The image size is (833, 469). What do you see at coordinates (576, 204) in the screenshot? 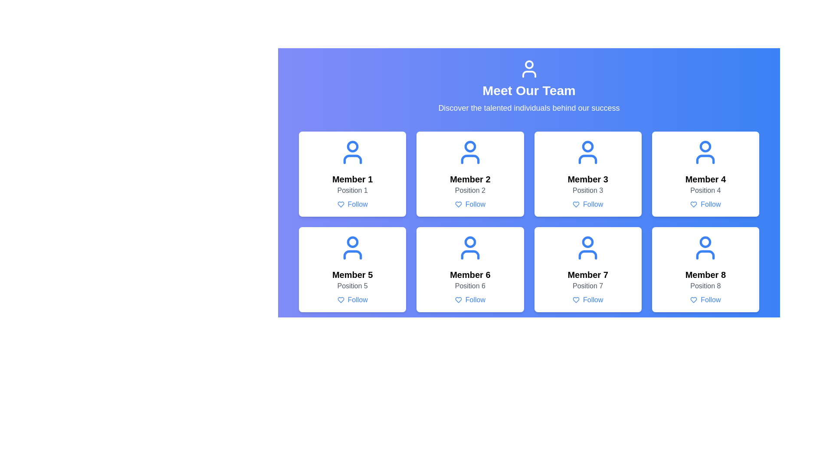
I see `the heart icon in the profile card for 'Member 3, Position 3'` at bounding box center [576, 204].